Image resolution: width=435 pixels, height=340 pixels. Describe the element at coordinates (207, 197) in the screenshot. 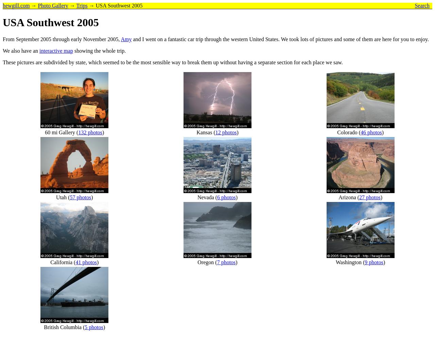

I see `'Nevada
    ('` at that location.